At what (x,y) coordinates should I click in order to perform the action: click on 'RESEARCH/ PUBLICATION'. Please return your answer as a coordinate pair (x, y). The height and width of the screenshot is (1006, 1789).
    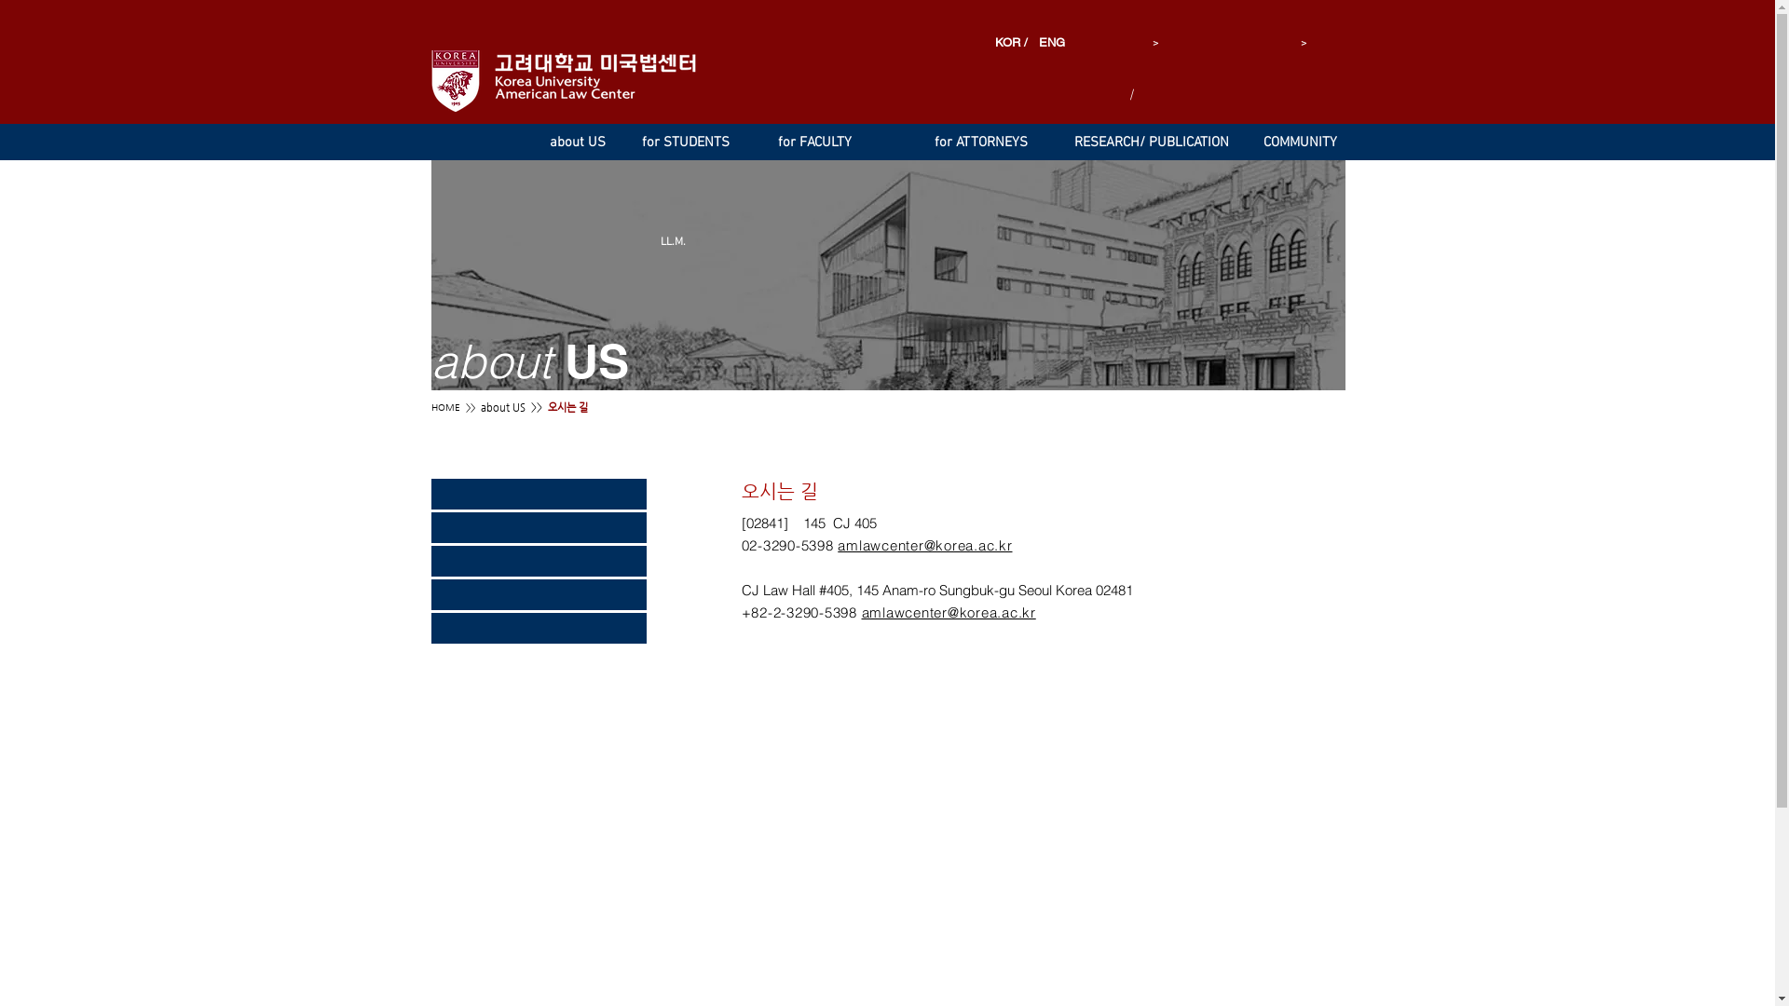
    Looking at the image, I should click on (1065, 142).